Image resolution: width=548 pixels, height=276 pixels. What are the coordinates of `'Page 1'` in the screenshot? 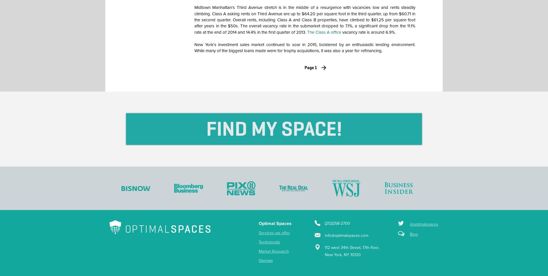 It's located at (311, 67).